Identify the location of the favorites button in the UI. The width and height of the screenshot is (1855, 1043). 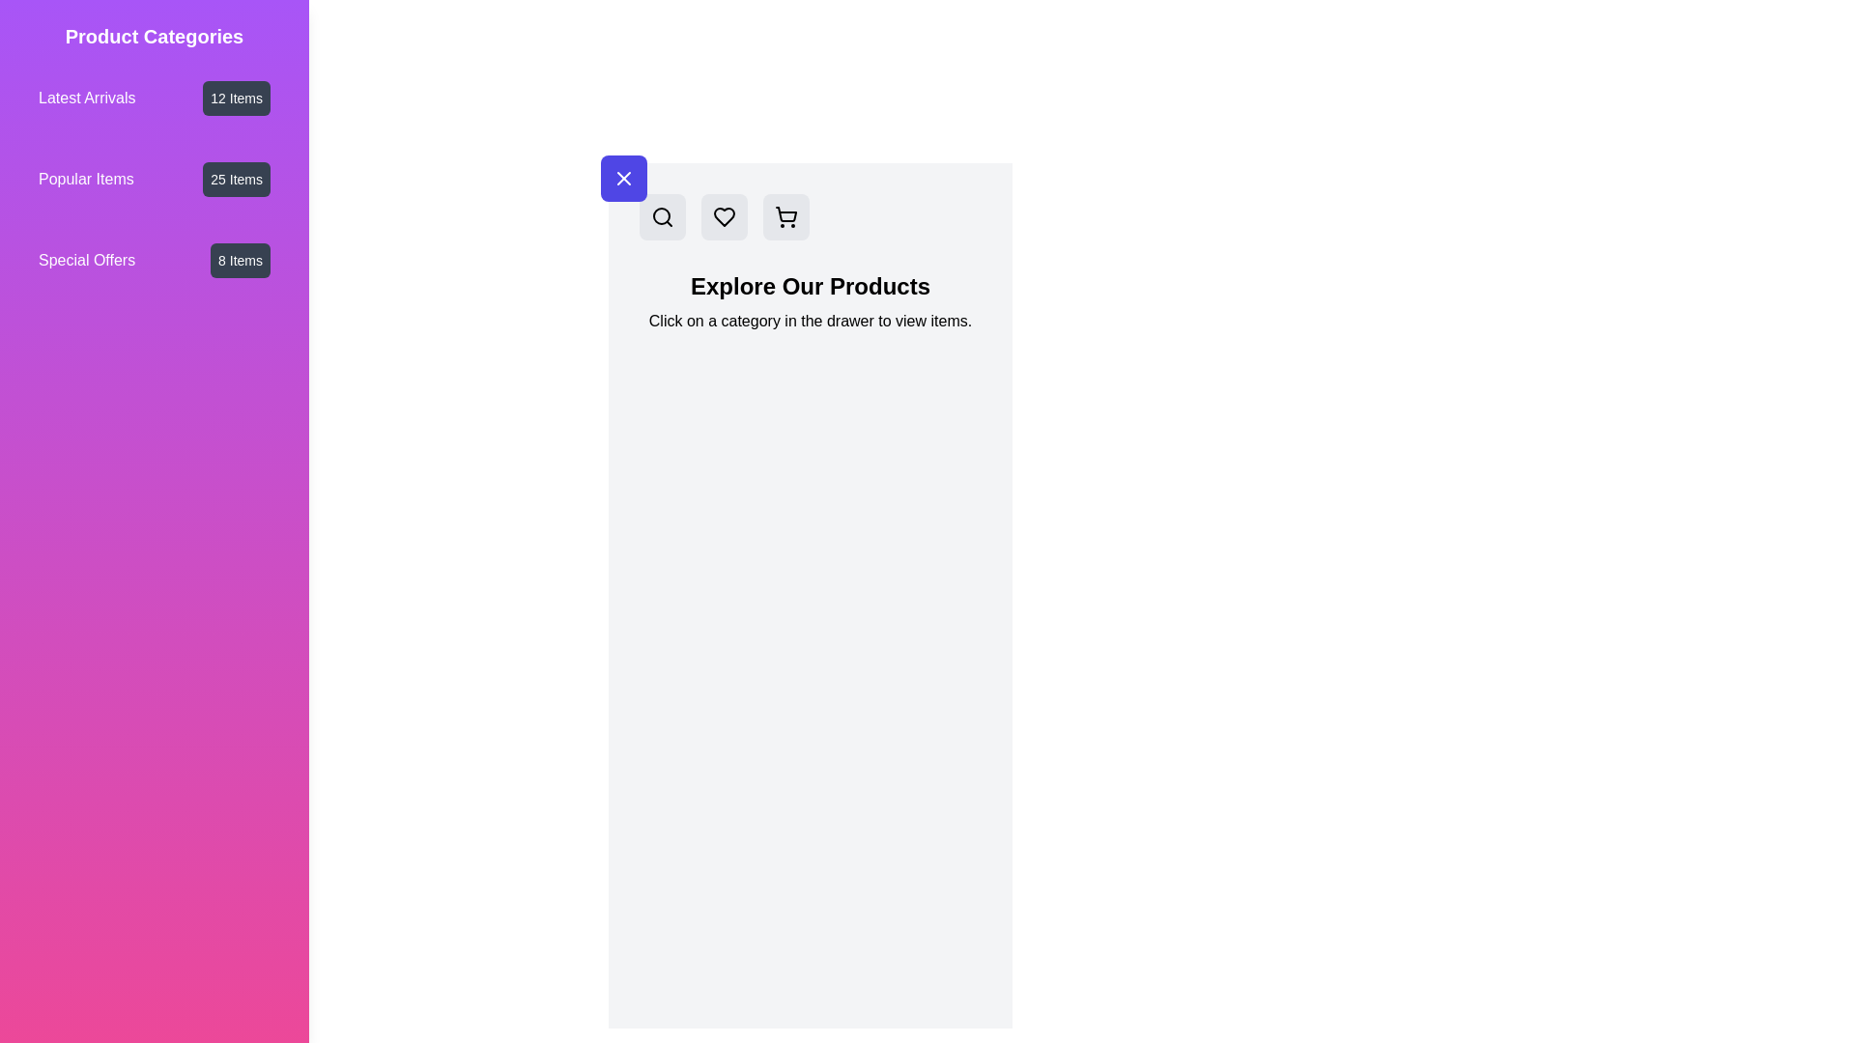
(723, 216).